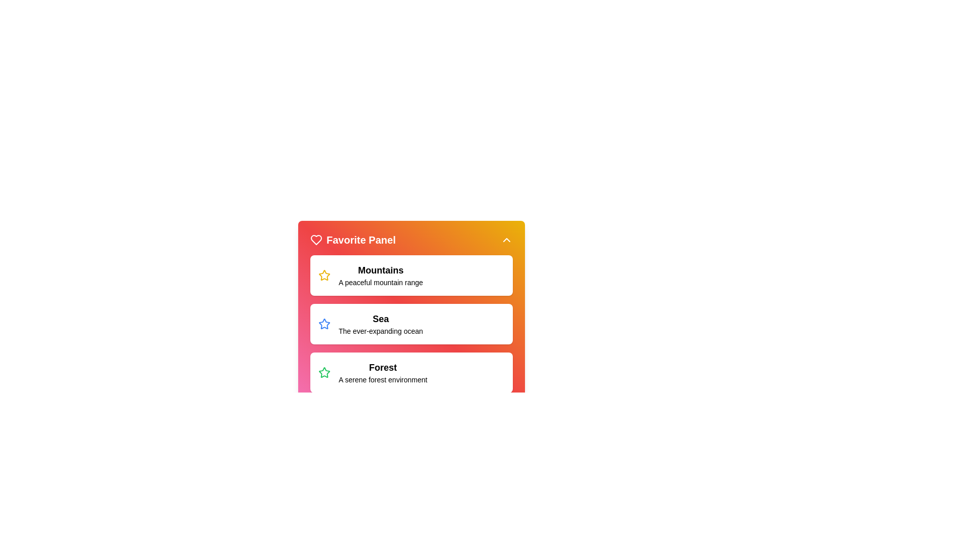 This screenshot has width=972, height=547. I want to click on the text label that reads 'A serene forest environment', which is located below the title 'Forest' in the Favorite Panel, so click(382, 379).